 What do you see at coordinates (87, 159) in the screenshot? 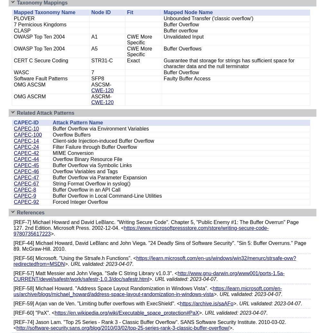
I see `'Overflow Binary Resource File'` at bounding box center [87, 159].